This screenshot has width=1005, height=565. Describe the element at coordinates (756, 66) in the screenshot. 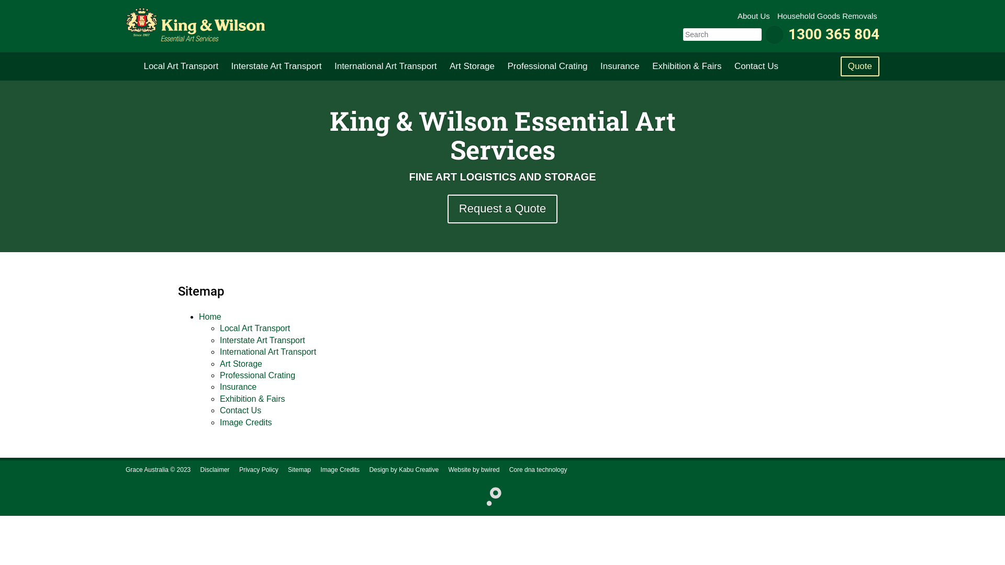

I see `'Contact Us'` at that location.